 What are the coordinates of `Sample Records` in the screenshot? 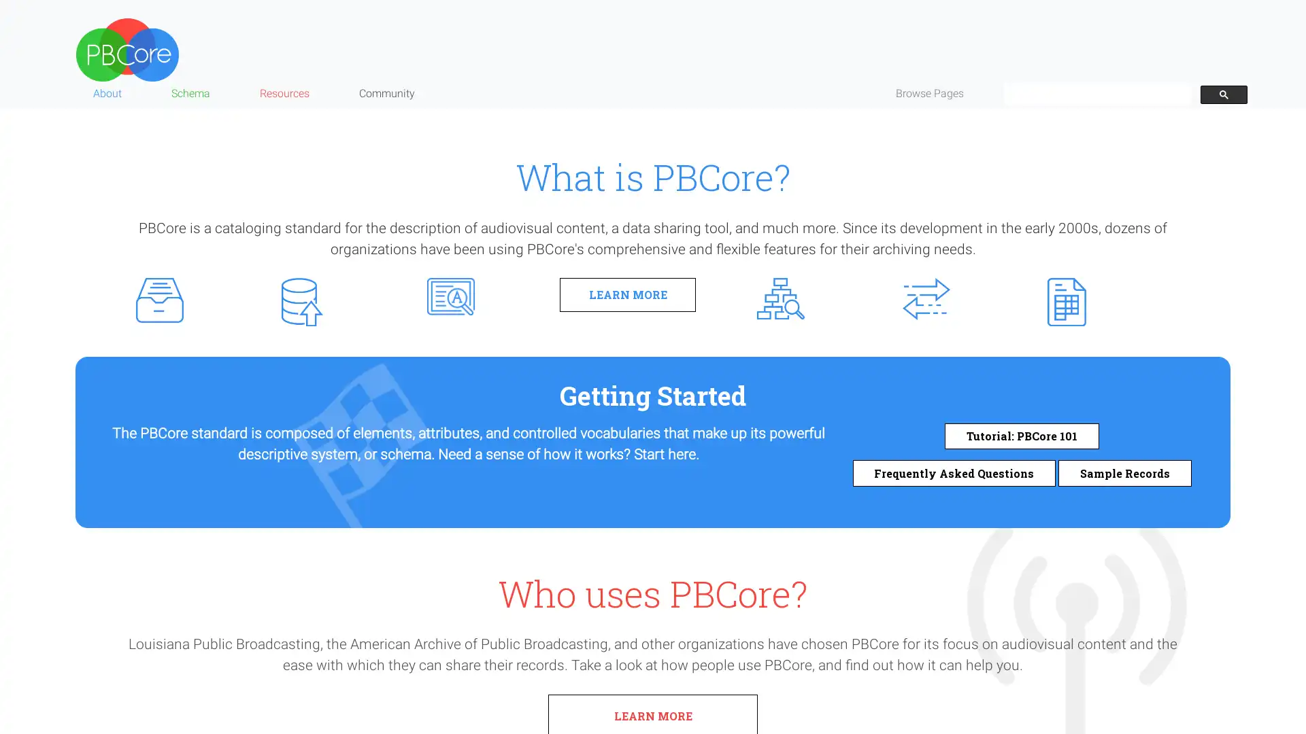 It's located at (1124, 472).